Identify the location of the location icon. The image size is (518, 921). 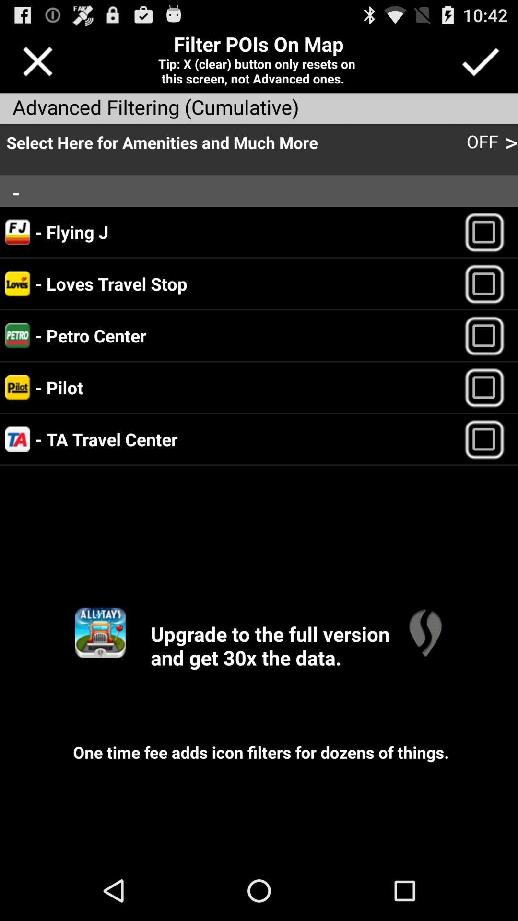
(424, 676).